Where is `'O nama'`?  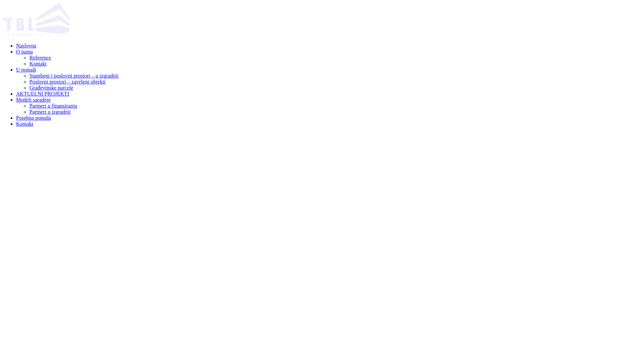
'O nama' is located at coordinates (24, 51).